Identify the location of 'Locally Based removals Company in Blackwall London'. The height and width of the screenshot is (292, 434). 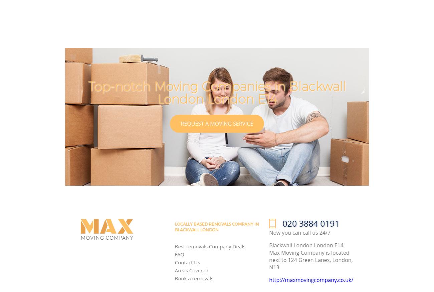
(216, 227).